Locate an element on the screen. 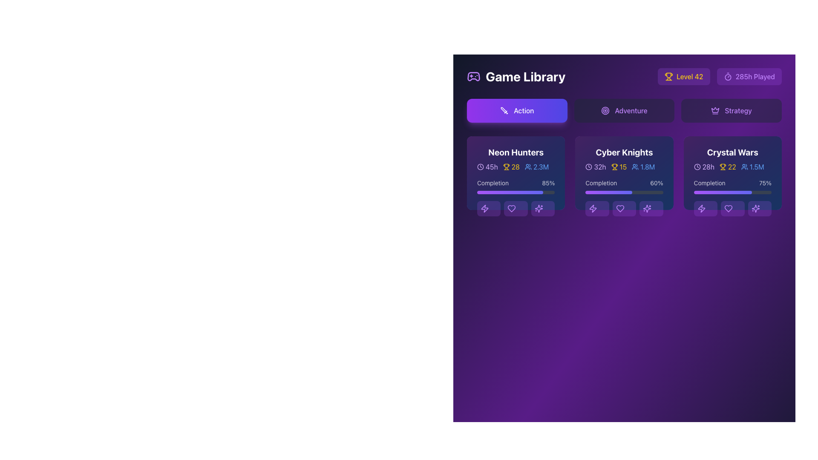  the Progress bar labeled 'Completion' with the percentage '85%' in the 'Neon Hunters' section of the Game Library interface is located at coordinates (516, 186).